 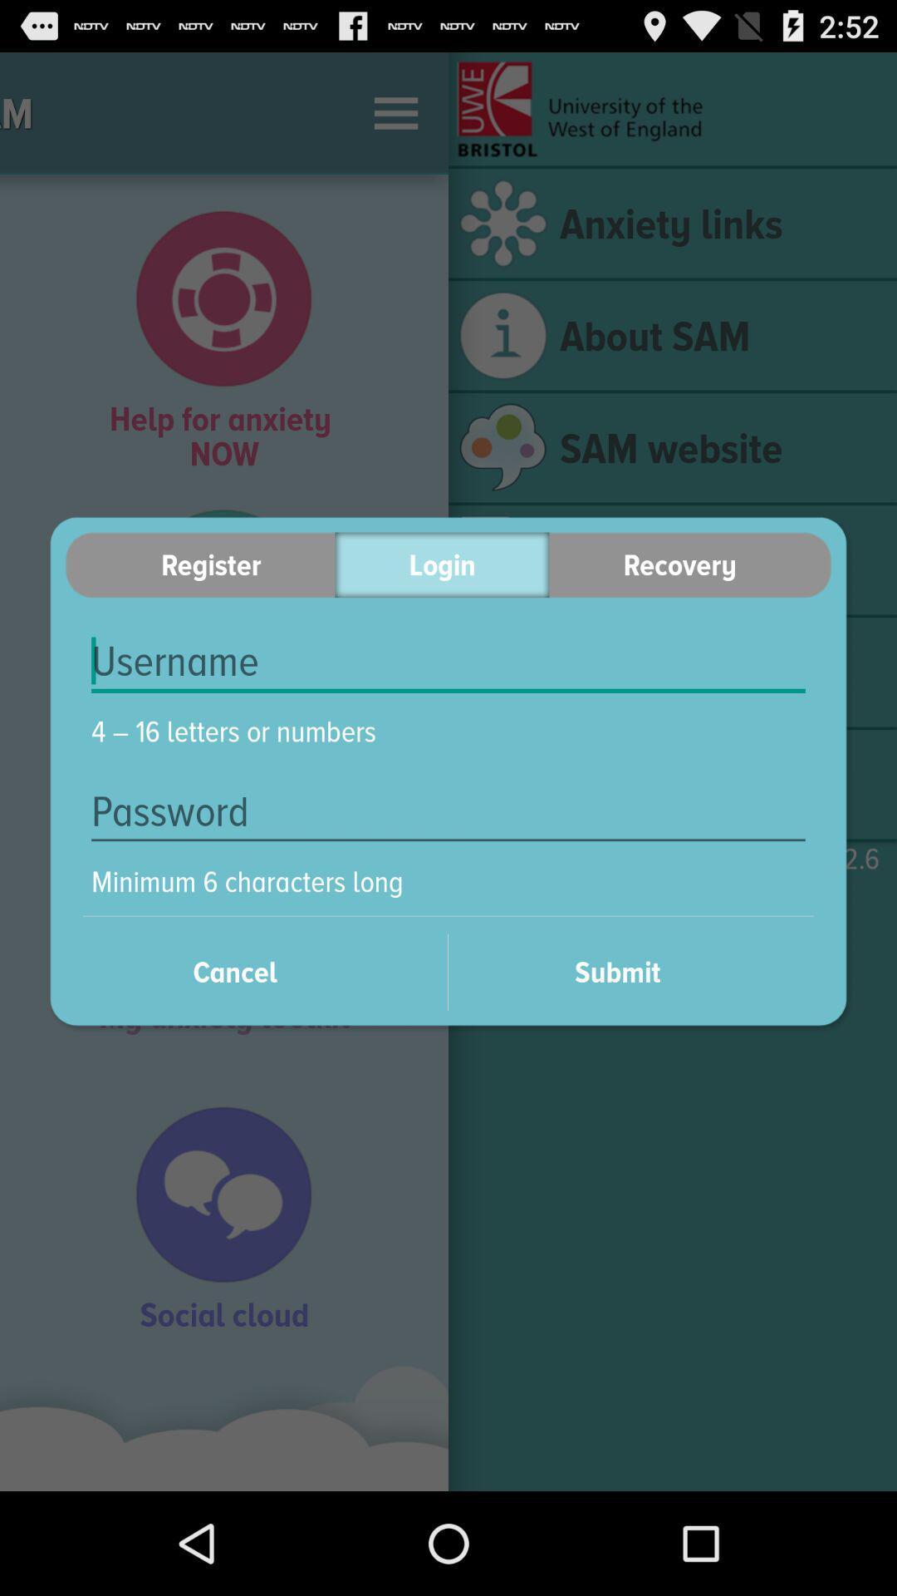 I want to click on item above the 4 16 letters, so click(x=448, y=661).